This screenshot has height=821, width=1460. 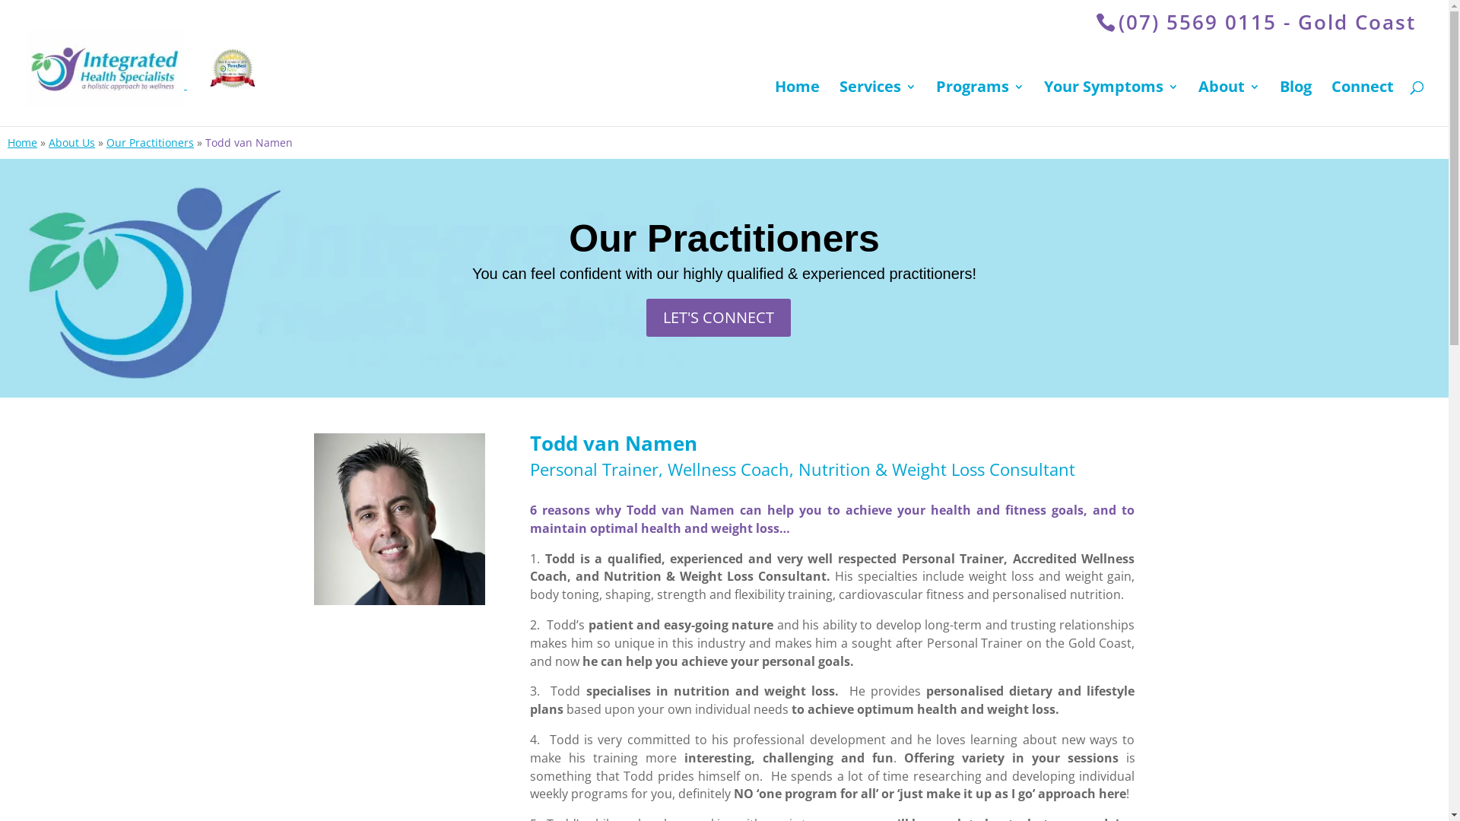 What do you see at coordinates (398, 518) in the screenshot?
I see `'Todd van Namen - Integrated Health Specialists'` at bounding box center [398, 518].